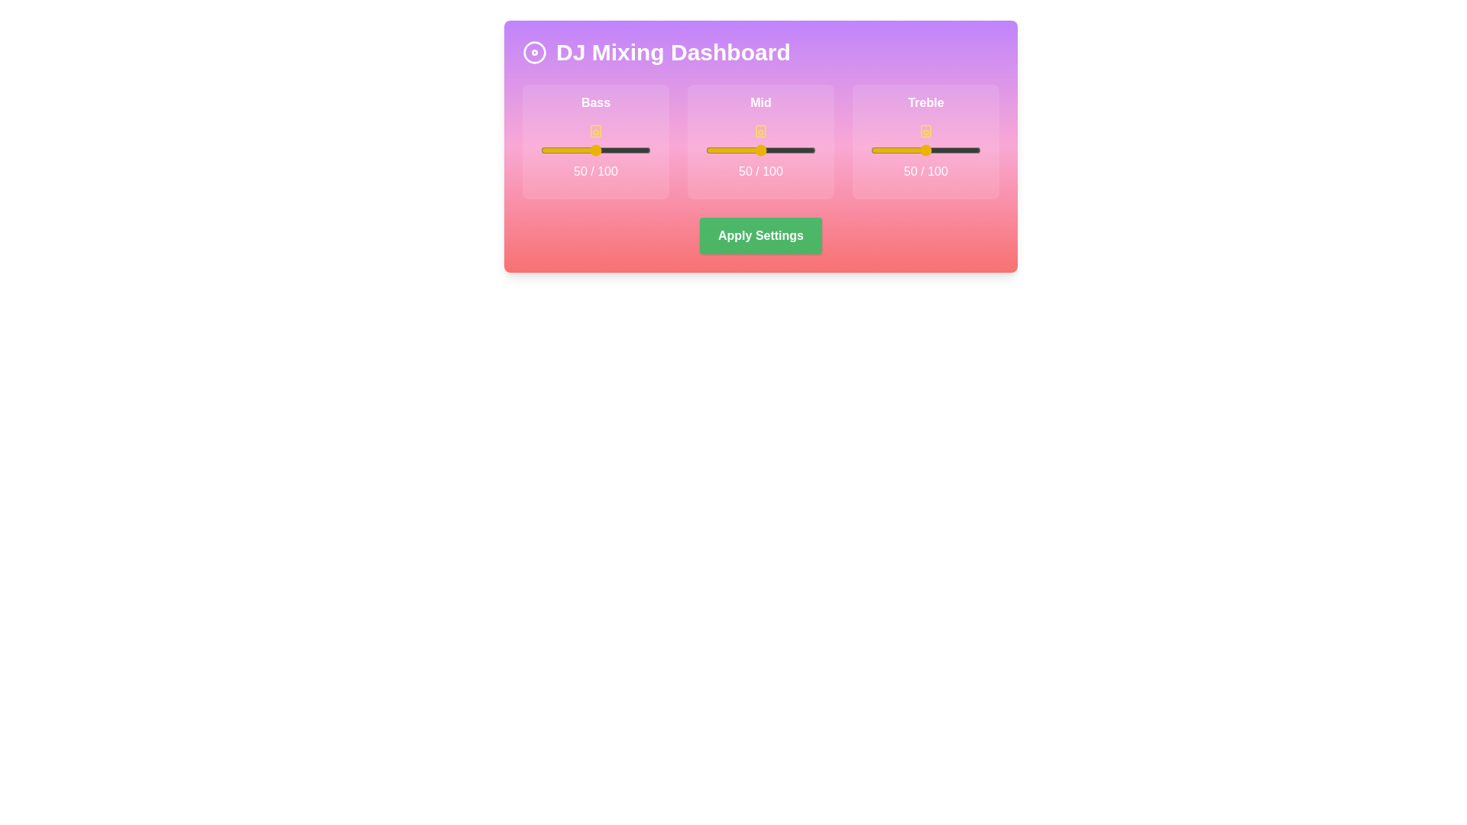 This screenshot has width=1467, height=825. What do you see at coordinates (576, 150) in the screenshot?
I see `the bass slider to set its value to 33` at bounding box center [576, 150].